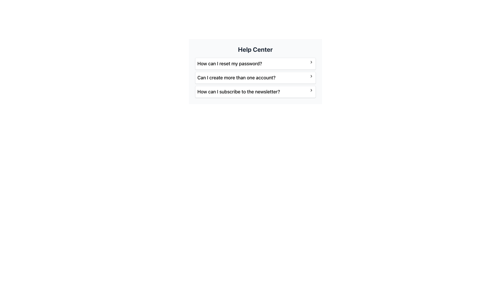  Describe the element at coordinates (255, 78) in the screenshot. I see `the second Interactive FAQ item under the 'Help Center' heading` at that location.